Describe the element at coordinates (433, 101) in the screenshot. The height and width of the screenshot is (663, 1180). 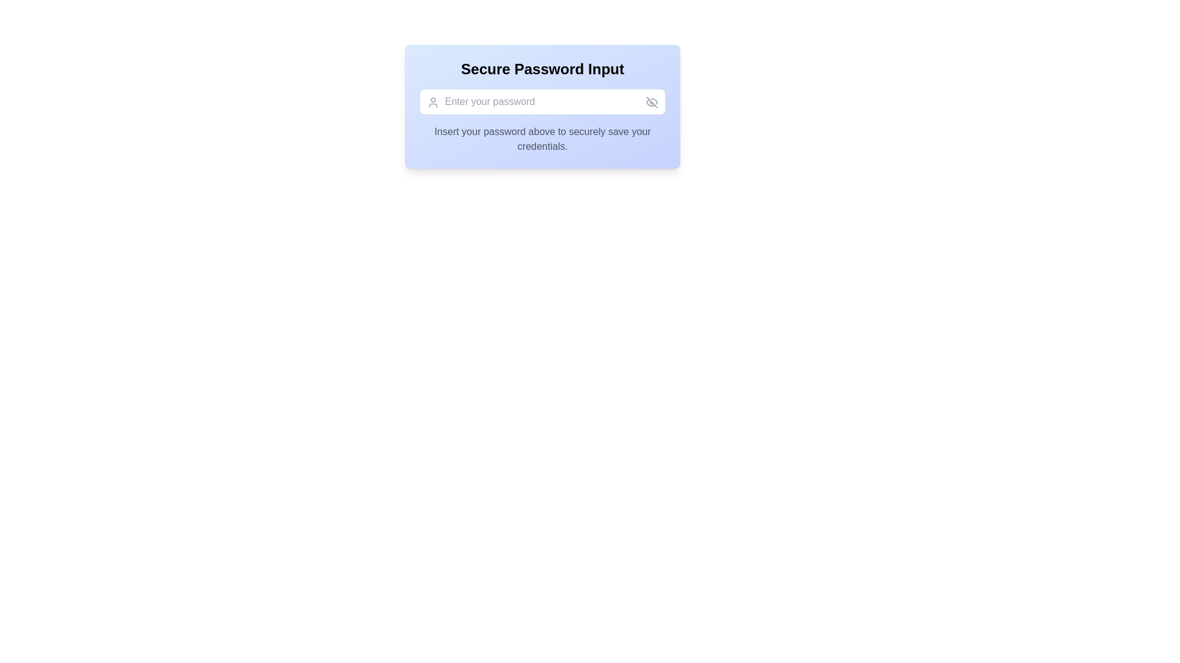
I see `the icon located on the far left within the password input field, which indicates that the field is related to user information` at that location.